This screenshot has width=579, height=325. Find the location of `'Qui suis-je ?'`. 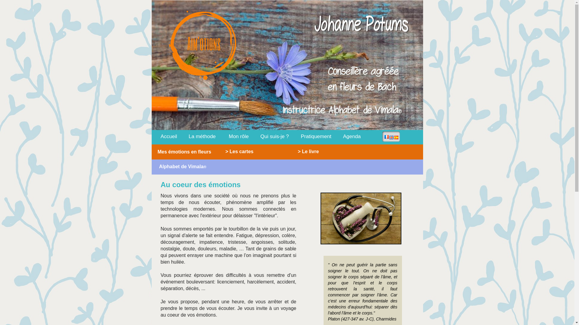

'Qui suis-je ?' is located at coordinates (261, 136).